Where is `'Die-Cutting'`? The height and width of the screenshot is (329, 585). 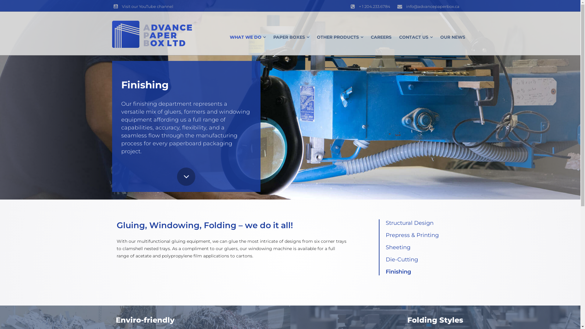
'Die-Cutting' is located at coordinates (385, 260).